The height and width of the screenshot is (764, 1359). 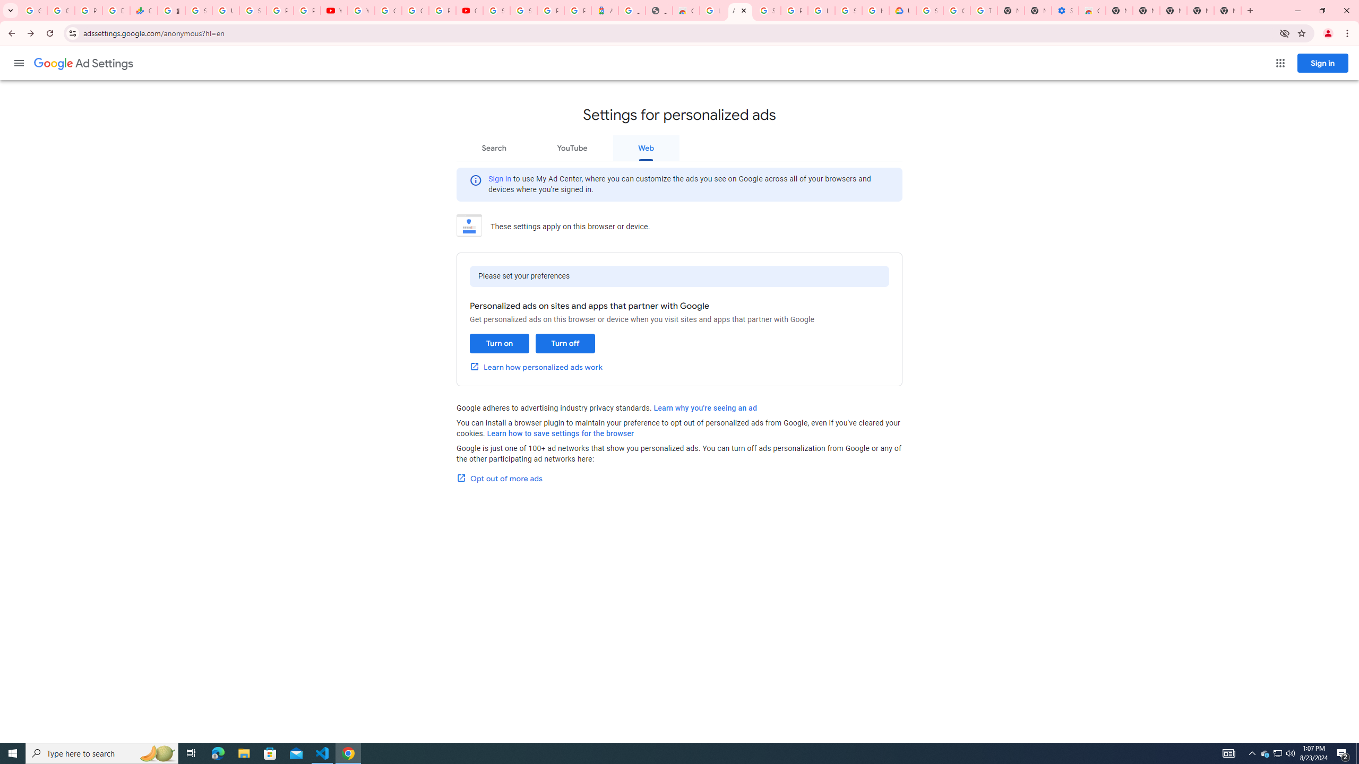 What do you see at coordinates (1279, 63) in the screenshot?
I see `'Google apps'` at bounding box center [1279, 63].